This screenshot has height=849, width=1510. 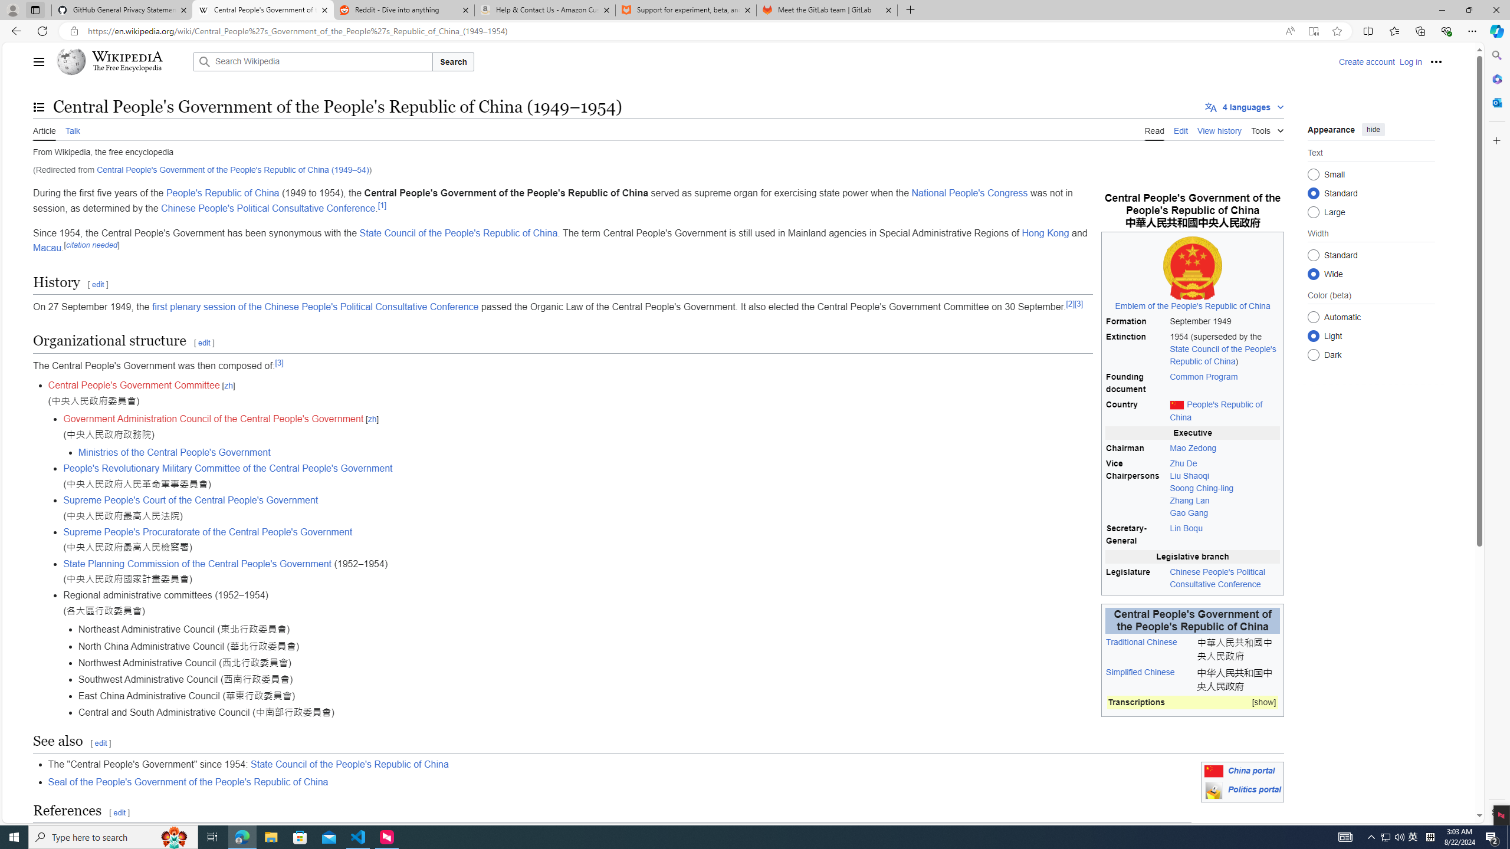 What do you see at coordinates (1135, 535) in the screenshot?
I see `'Secretary-General'` at bounding box center [1135, 535].